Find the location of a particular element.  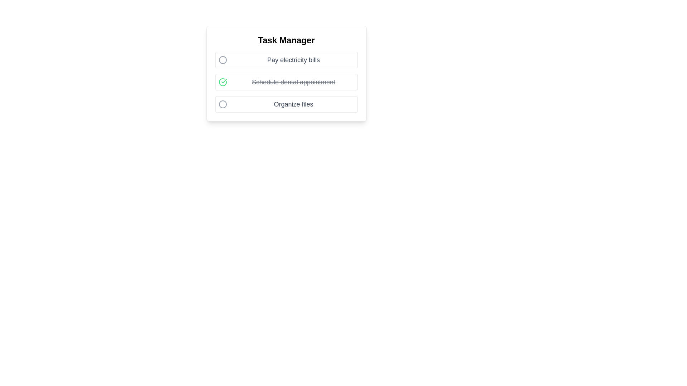

text label that identifies the third task in the 'Task Manager' list, which is positioned to the right of a circular checkbox icon is located at coordinates (293, 104).